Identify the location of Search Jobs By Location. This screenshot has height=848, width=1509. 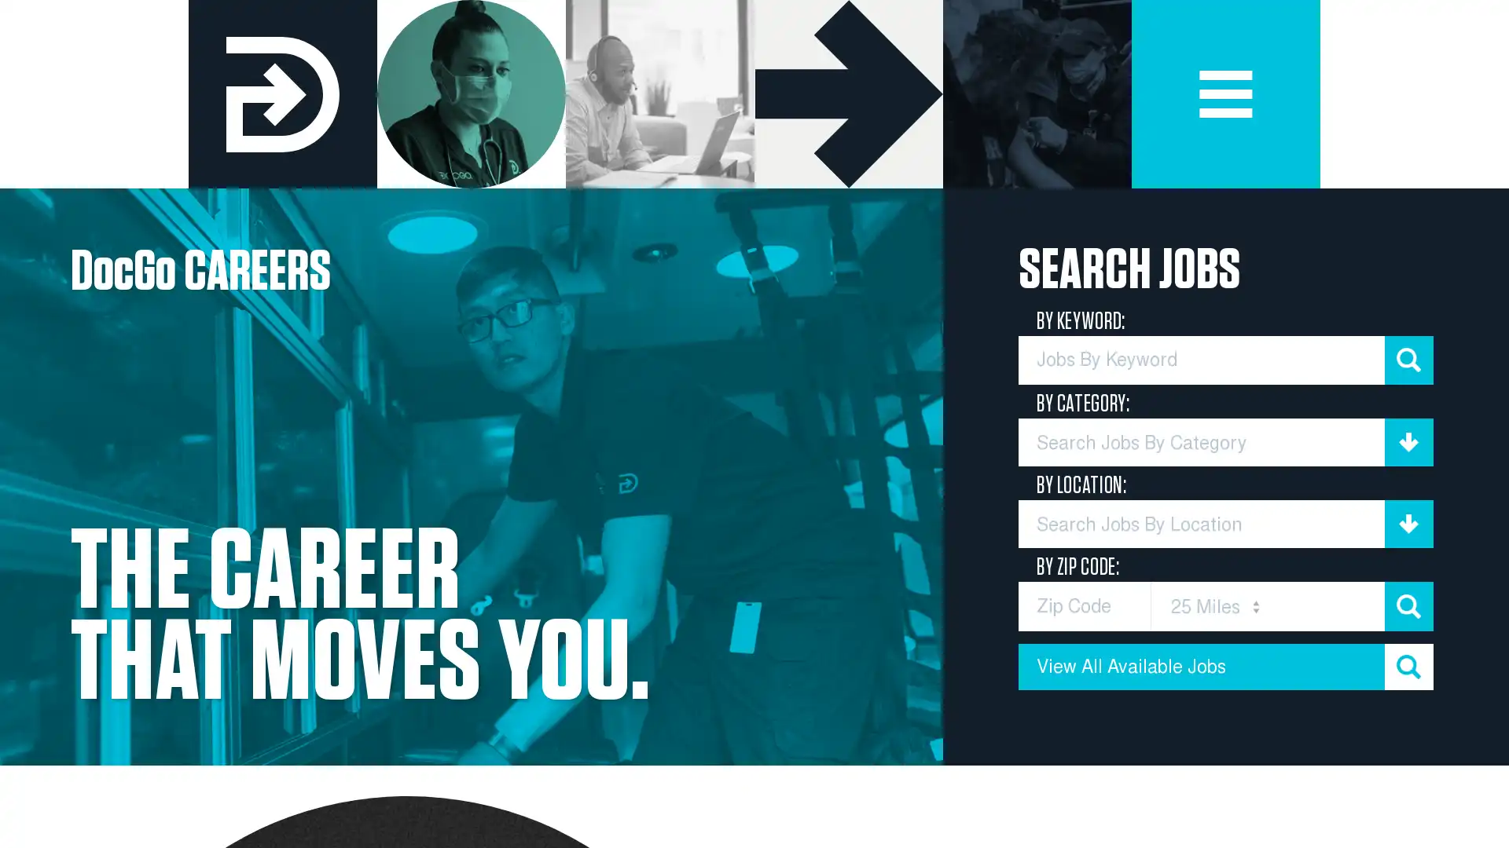
(1225, 524).